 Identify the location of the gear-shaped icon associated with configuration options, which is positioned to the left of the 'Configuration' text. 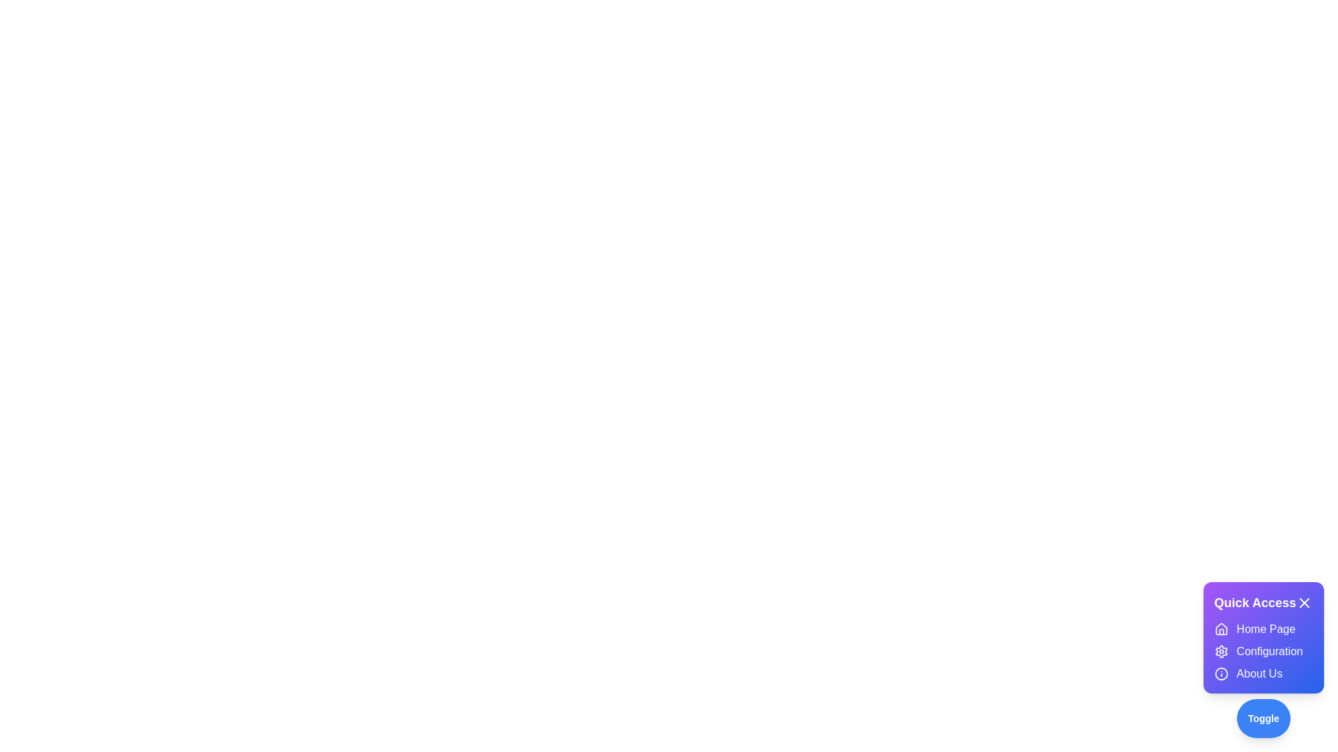
(1220, 652).